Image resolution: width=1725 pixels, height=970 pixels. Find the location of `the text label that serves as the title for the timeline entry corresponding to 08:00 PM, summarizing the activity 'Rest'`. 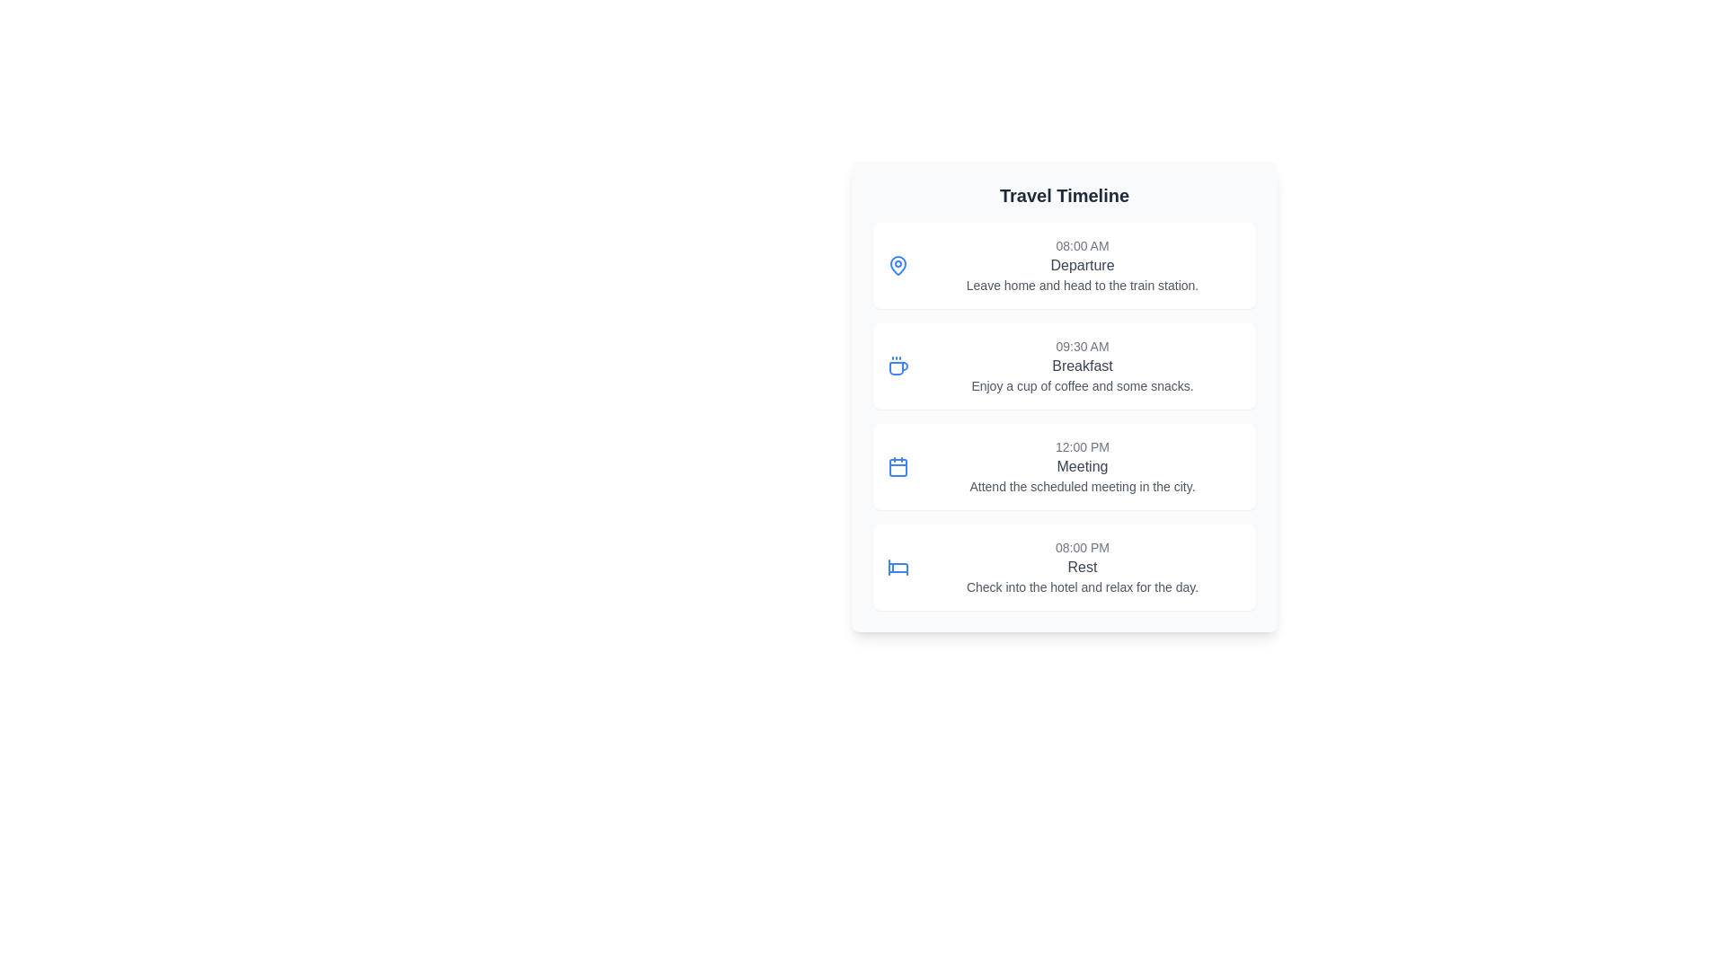

the text label that serves as the title for the timeline entry corresponding to 08:00 PM, summarizing the activity 'Rest' is located at coordinates (1081, 568).